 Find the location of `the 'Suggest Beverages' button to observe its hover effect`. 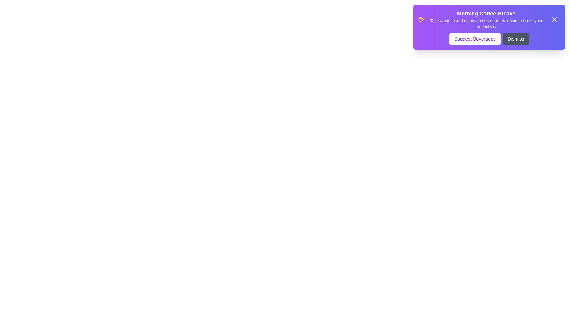

the 'Suggest Beverages' button to observe its hover effect is located at coordinates (474, 39).